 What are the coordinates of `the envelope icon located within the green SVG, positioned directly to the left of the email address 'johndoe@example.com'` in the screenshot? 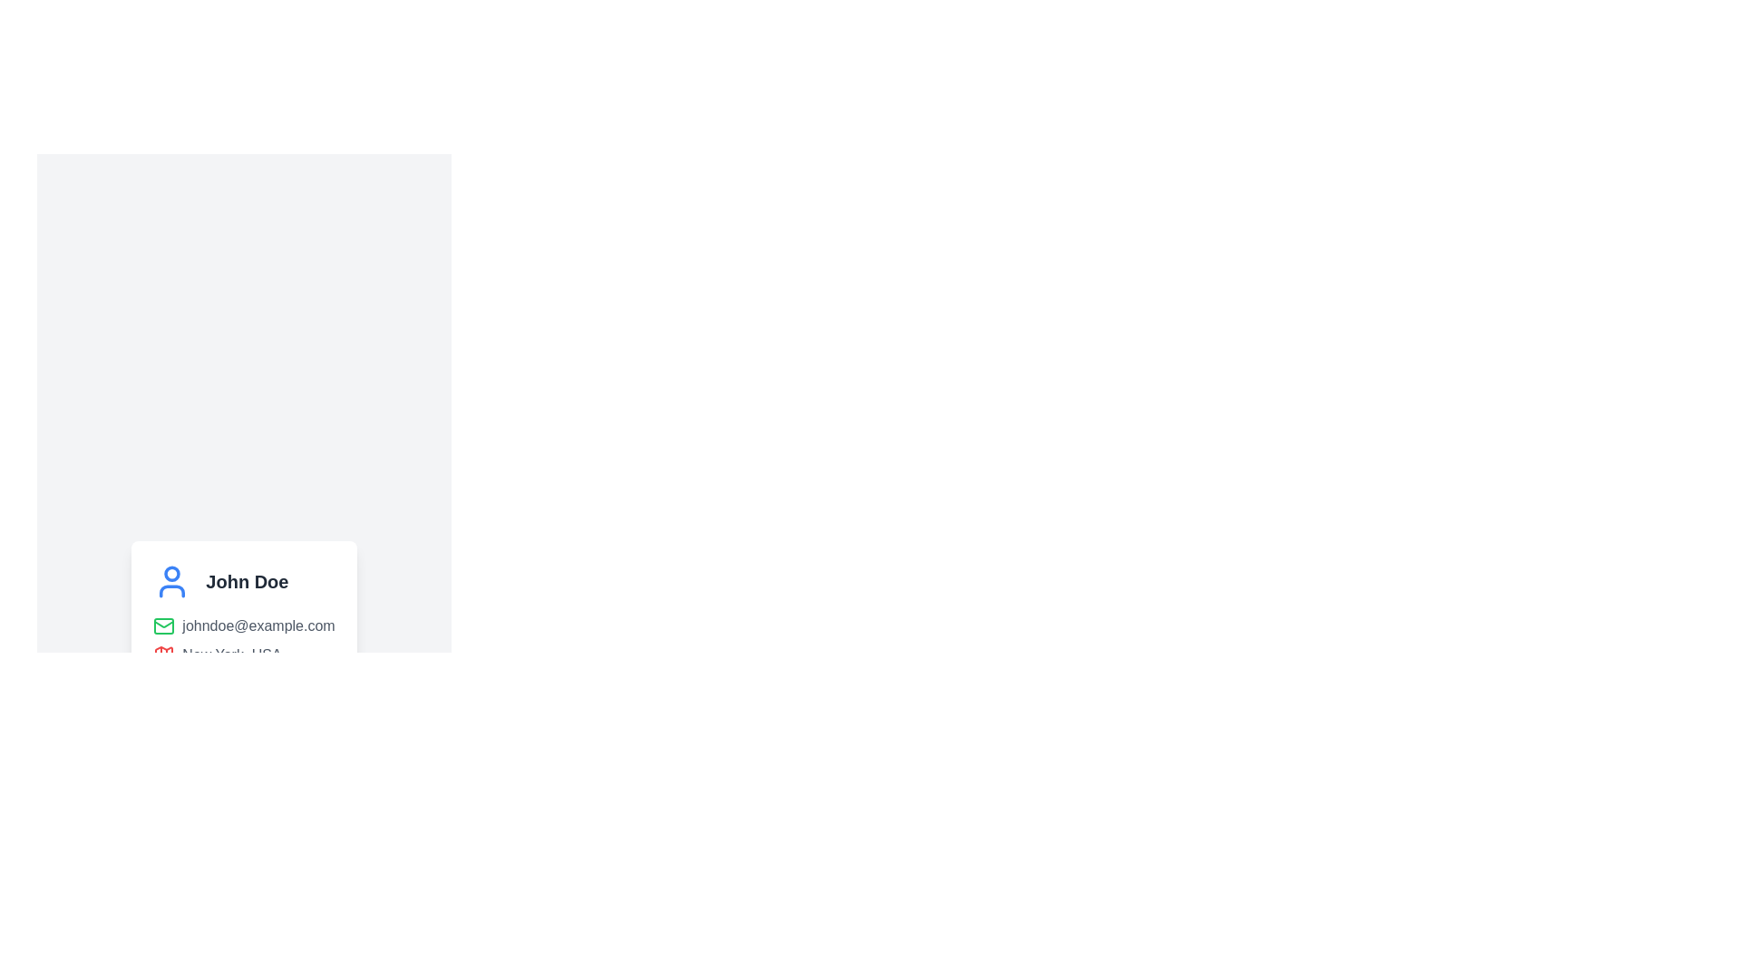 It's located at (164, 625).